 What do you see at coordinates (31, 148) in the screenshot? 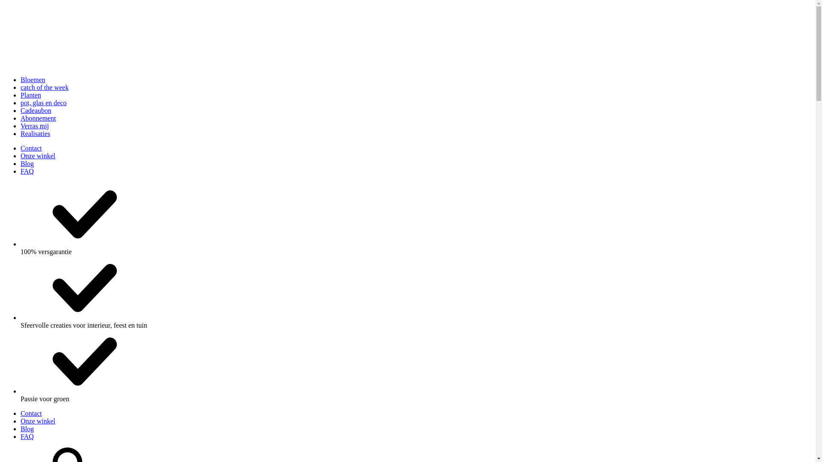
I see `'Contact'` at bounding box center [31, 148].